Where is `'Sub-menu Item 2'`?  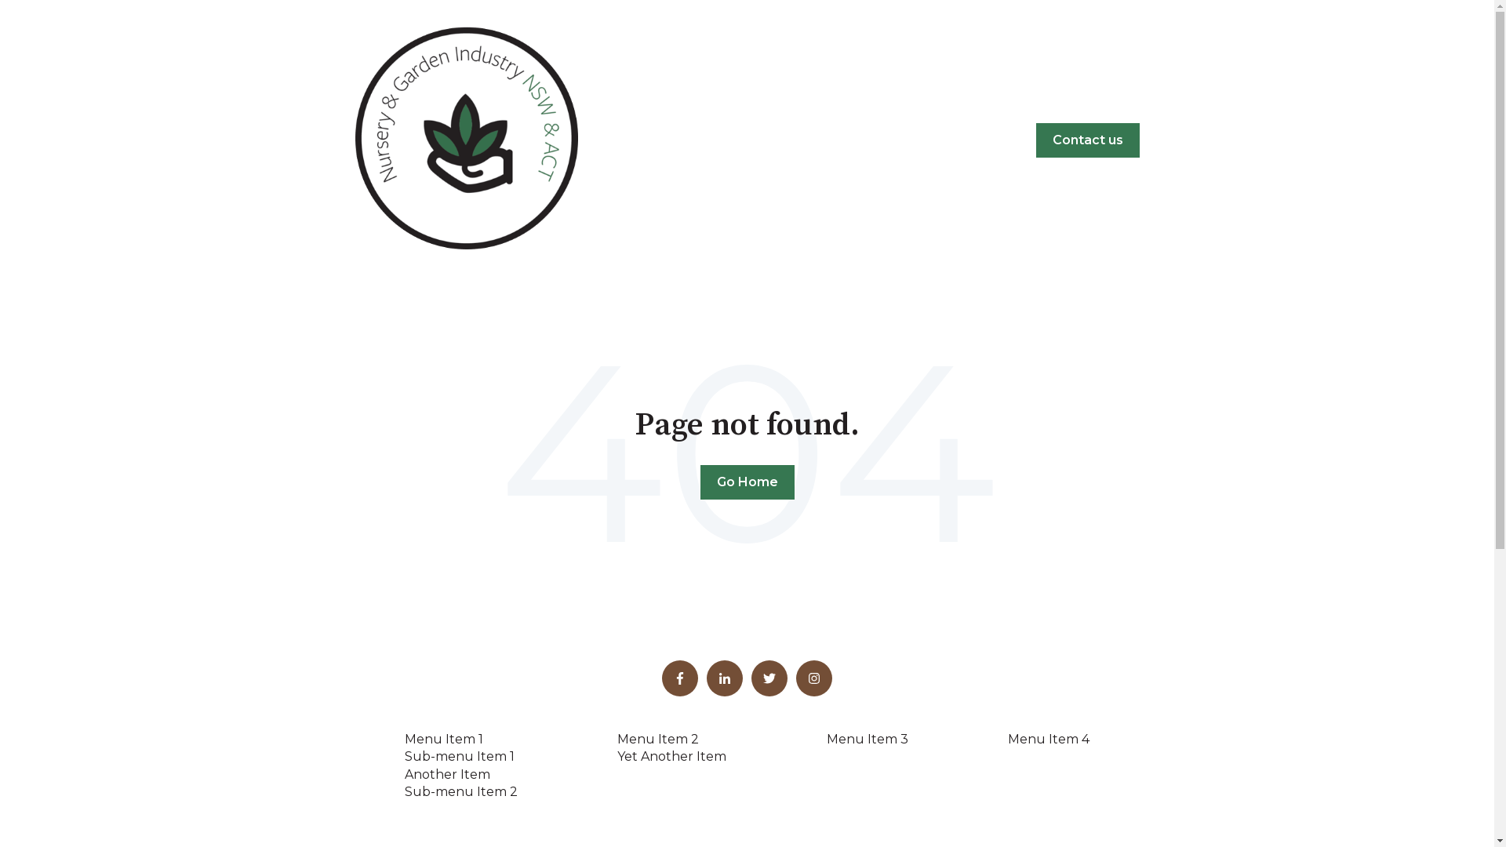
'Sub-menu Item 2' is located at coordinates (460, 791).